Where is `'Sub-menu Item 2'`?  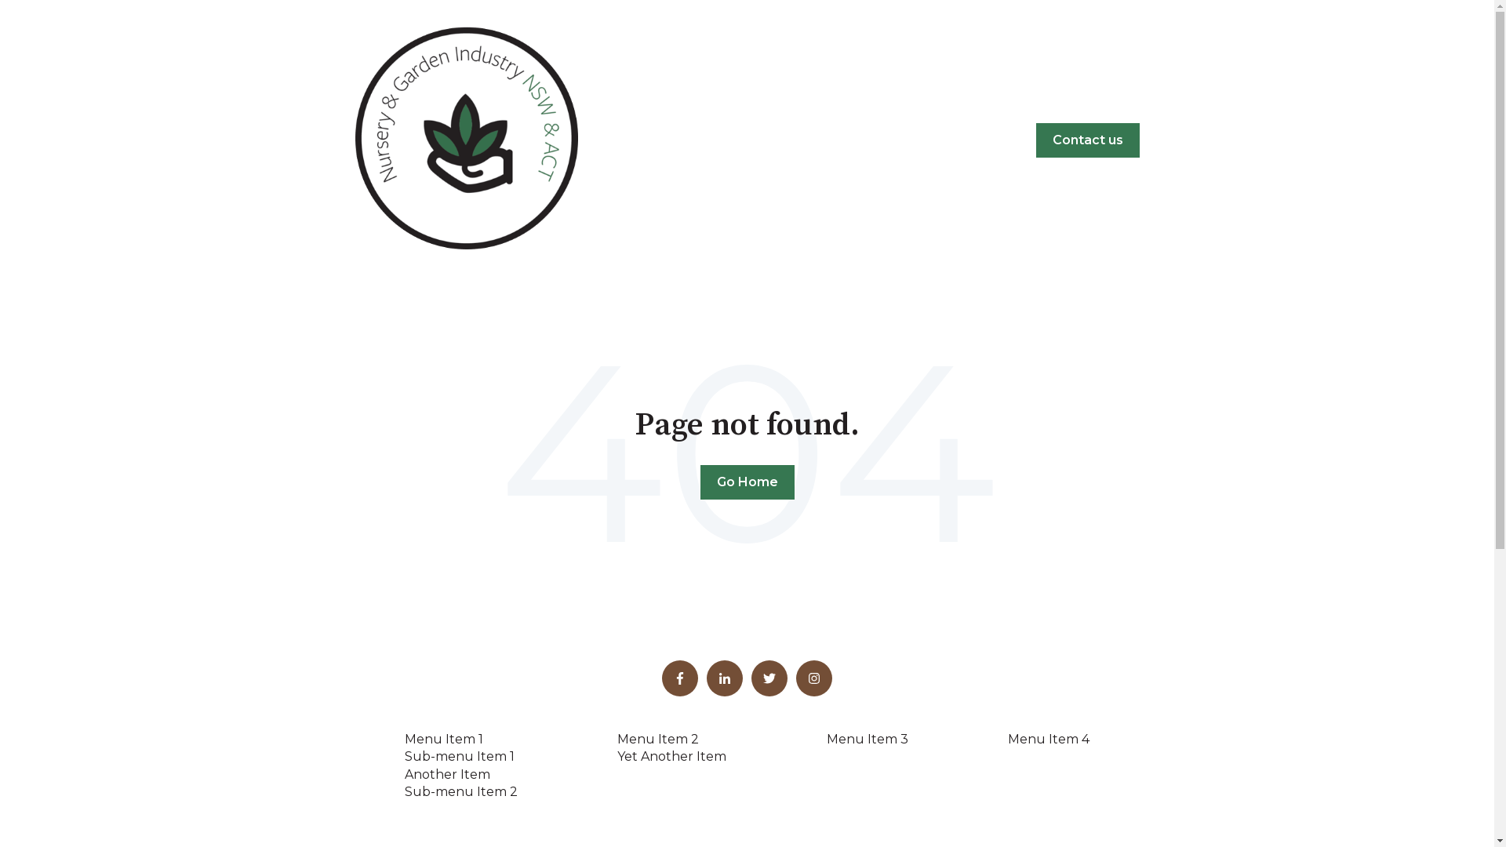
'Sub-menu Item 2' is located at coordinates (460, 791).